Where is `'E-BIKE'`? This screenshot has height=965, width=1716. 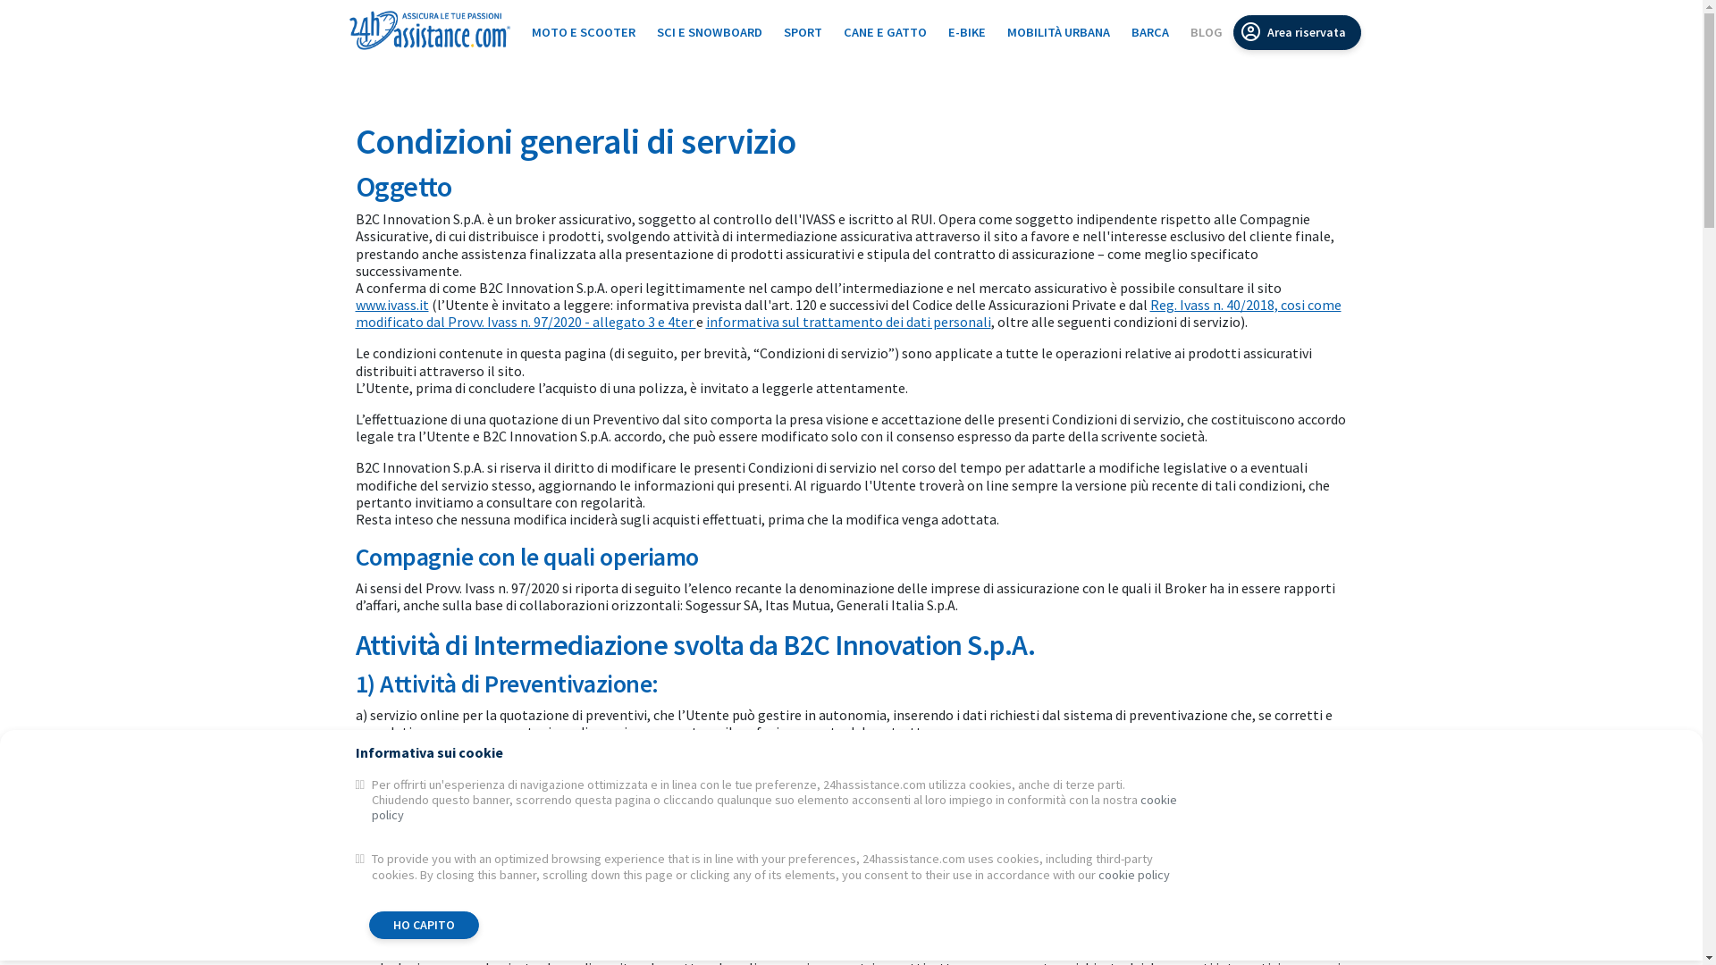
'E-BIKE' is located at coordinates (964, 32).